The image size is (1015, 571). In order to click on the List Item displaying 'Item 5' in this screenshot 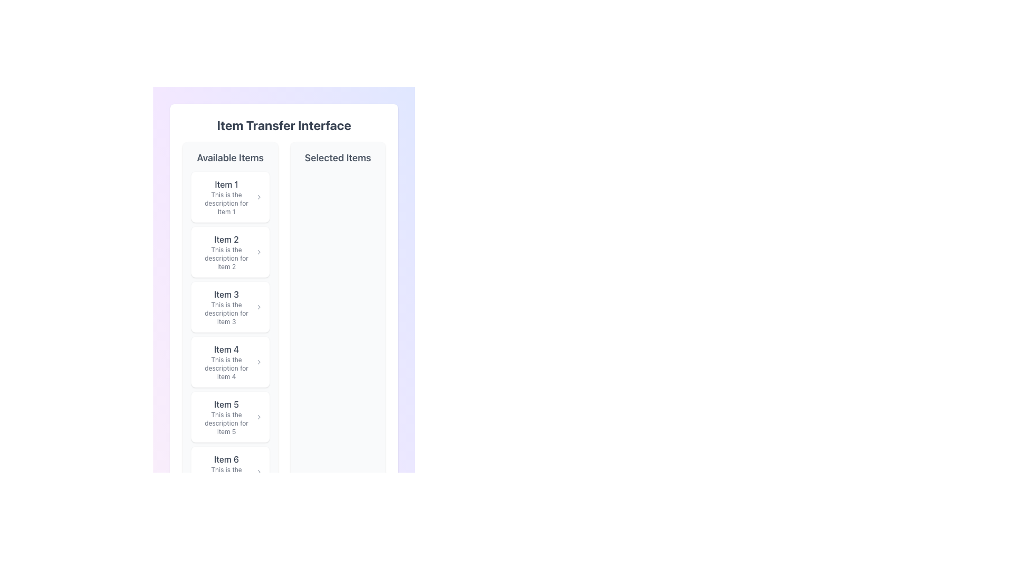, I will do `click(229, 417)`.